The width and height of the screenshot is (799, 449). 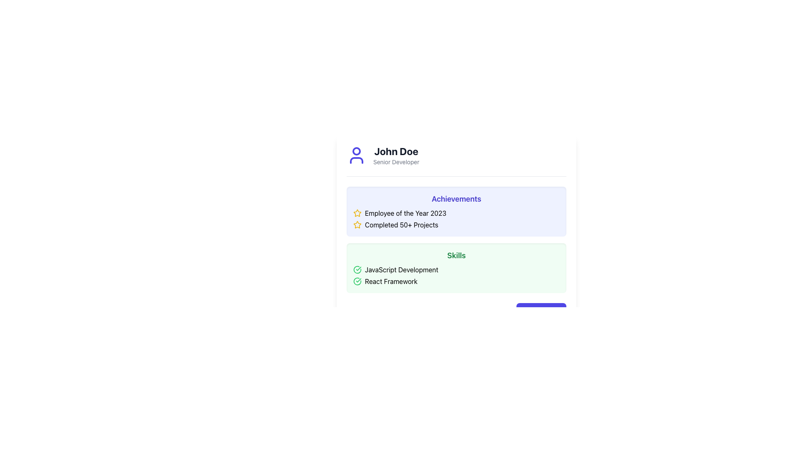 I want to click on the 'React Framework' label in the 'Skills' section, which is the second item in a vertical list under 'JavaScript Development', so click(x=391, y=281).